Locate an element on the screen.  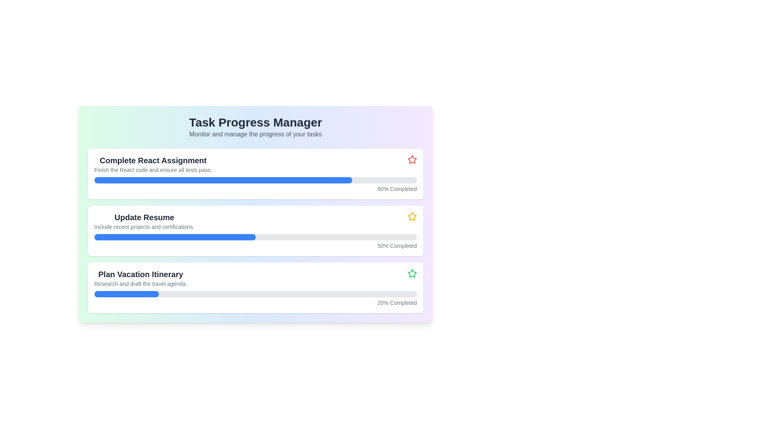
task progress is located at coordinates (245, 294).